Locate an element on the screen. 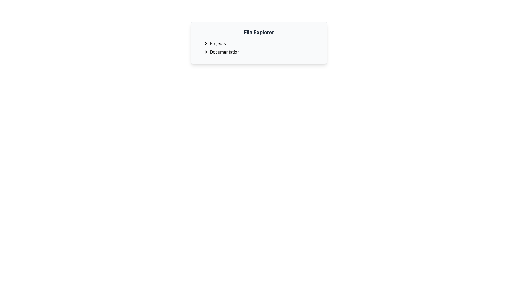 The height and width of the screenshot is (288, 513). the right-arrow icon located to the left of the 'Documentation' text is located at coordinates (205, 52).